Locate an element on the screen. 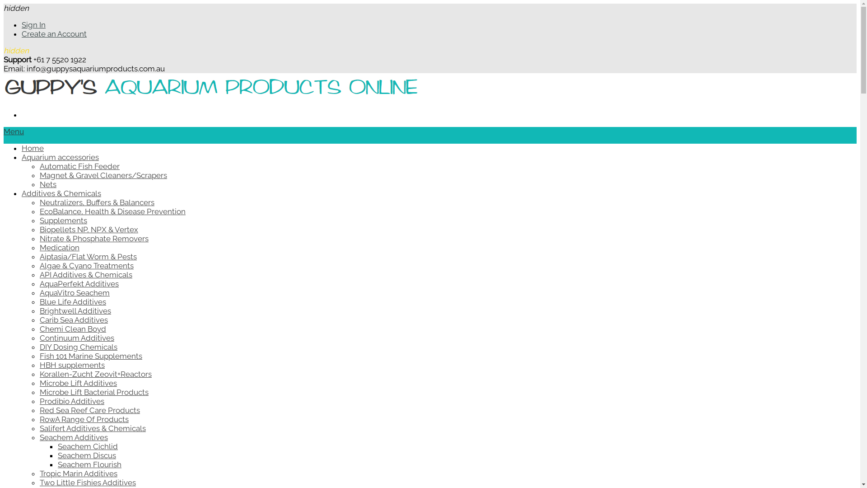  'Brightwell Additives' is located at coordinates (75, 310).